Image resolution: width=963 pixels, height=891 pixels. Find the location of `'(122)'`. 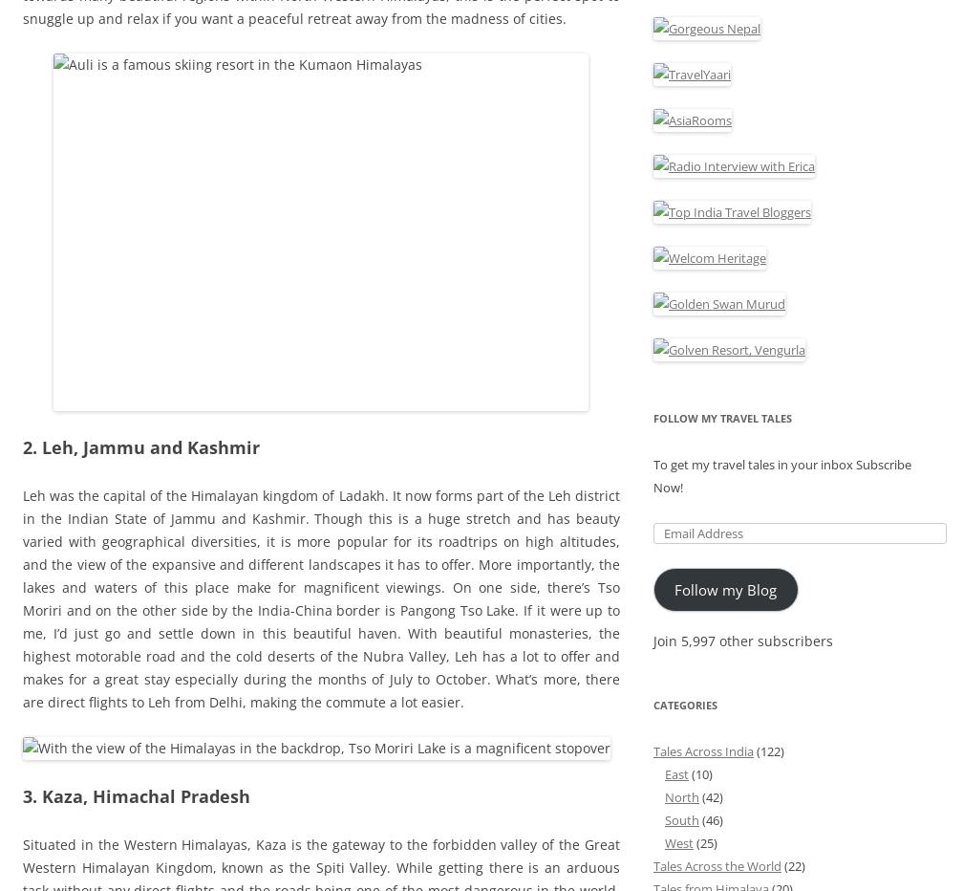

'(122)' is located at coordinates (768, 750).